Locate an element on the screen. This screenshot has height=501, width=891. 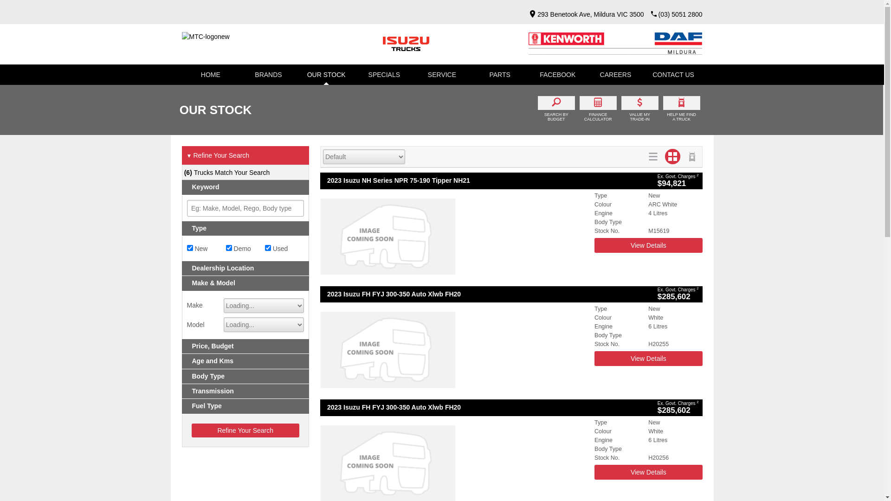
'Ex. Govt. Charges 2 is located at coordinates (653, 180).